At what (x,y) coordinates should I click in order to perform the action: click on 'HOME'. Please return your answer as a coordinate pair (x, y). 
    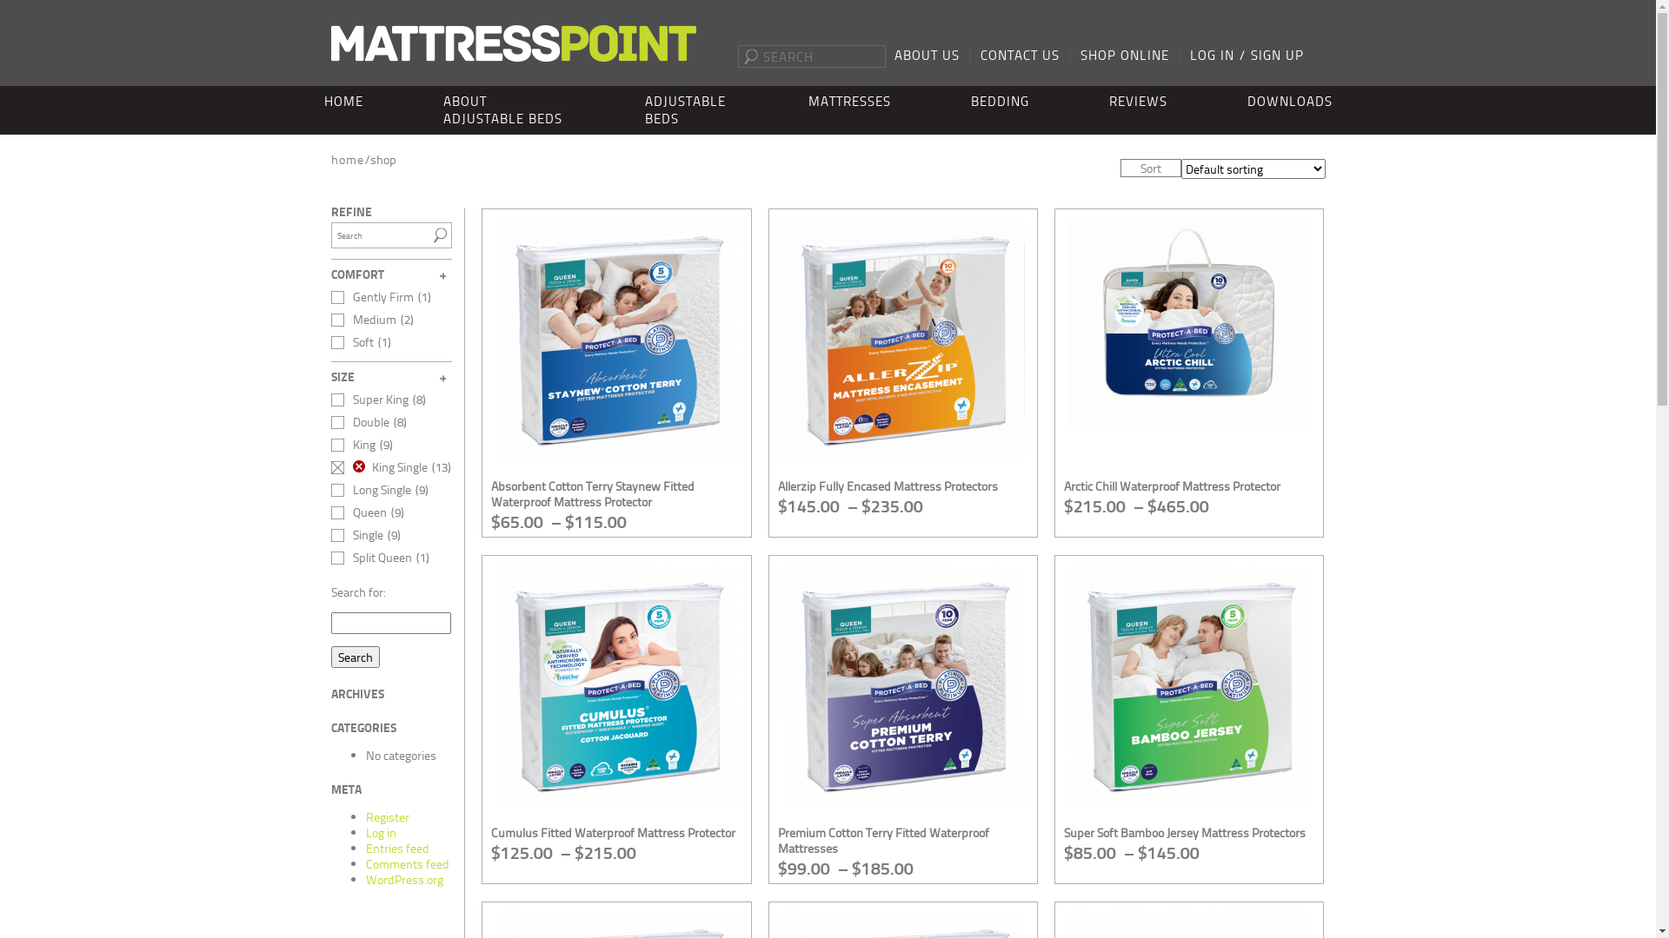
    Looking at the image, I should click on (342, 101).